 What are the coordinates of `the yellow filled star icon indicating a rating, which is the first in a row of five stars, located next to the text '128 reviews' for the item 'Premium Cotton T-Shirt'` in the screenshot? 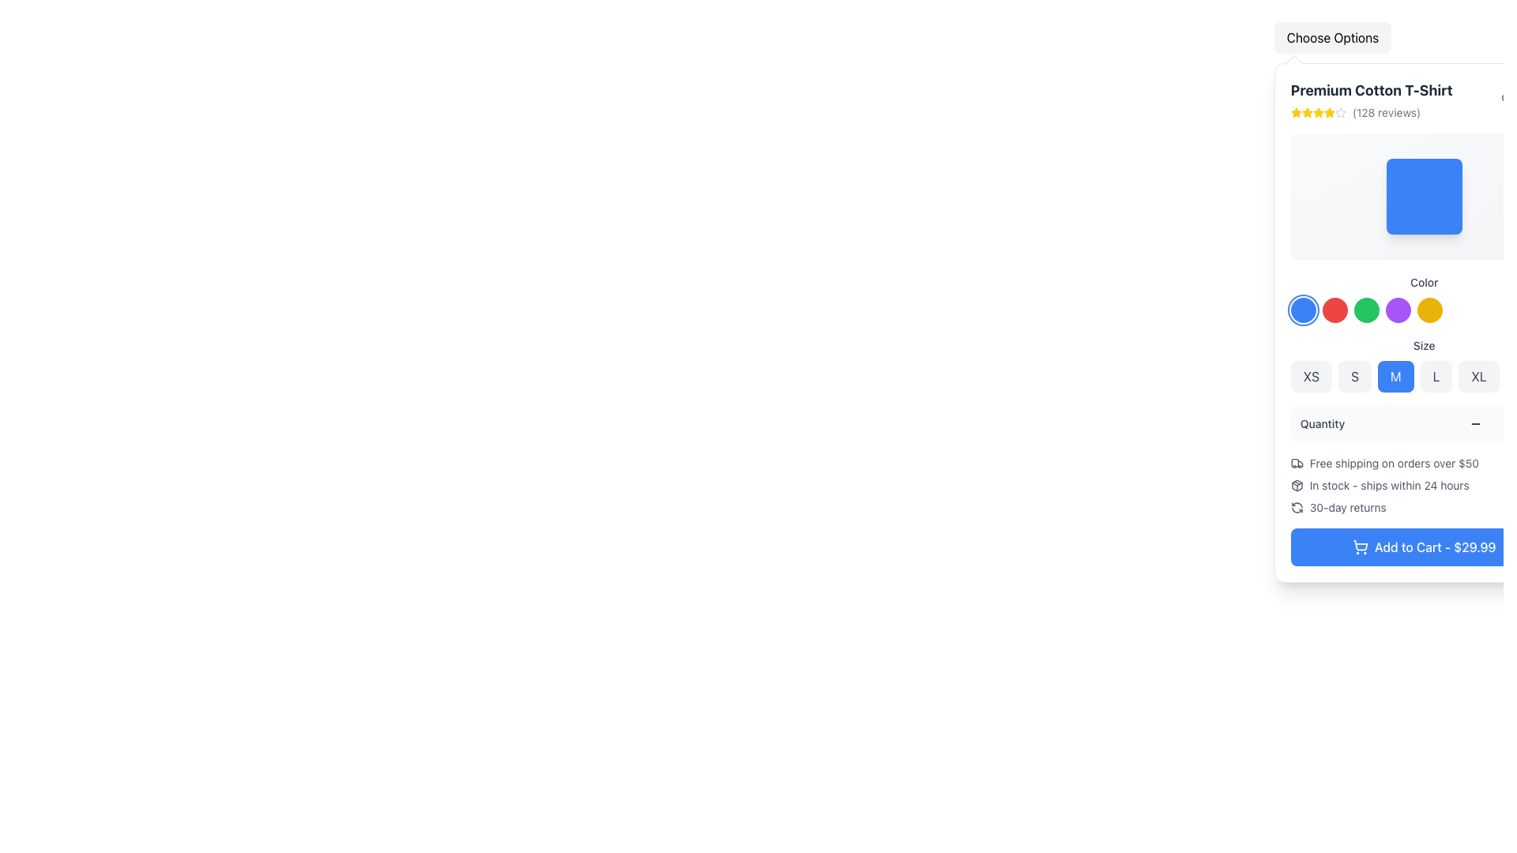 It's located at (1296, 111).